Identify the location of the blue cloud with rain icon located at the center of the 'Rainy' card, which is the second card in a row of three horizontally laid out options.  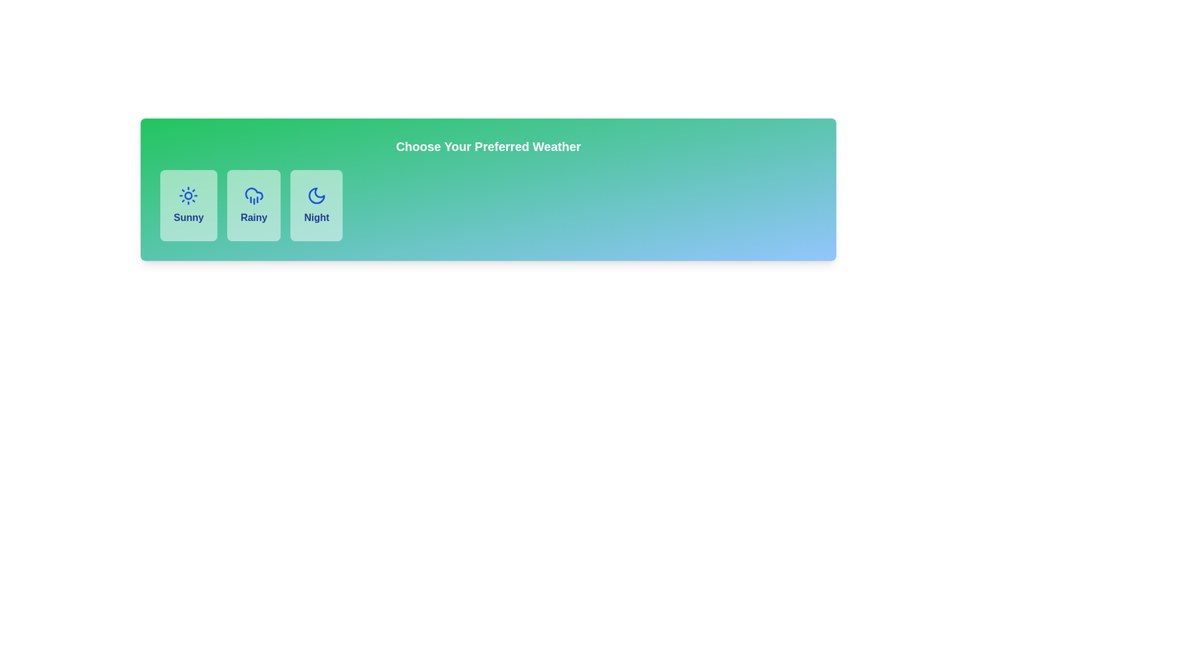
(253, 195).